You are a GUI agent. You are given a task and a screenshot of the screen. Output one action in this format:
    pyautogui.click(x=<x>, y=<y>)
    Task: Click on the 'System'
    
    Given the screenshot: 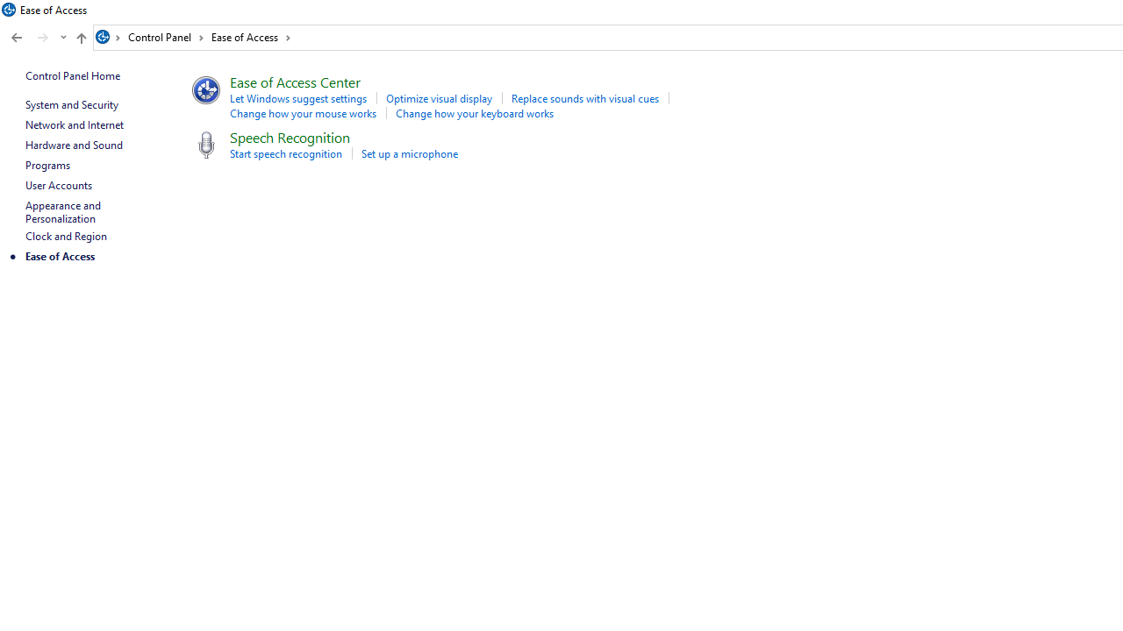 What is the action you would take?
    pyautogui.click(x=9, y=10)
    